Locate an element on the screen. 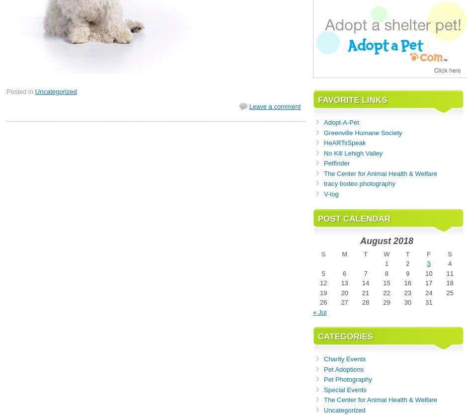 This screenshot has width=467, height=415. 'Charity Events' is located at coordinates (344, 359).